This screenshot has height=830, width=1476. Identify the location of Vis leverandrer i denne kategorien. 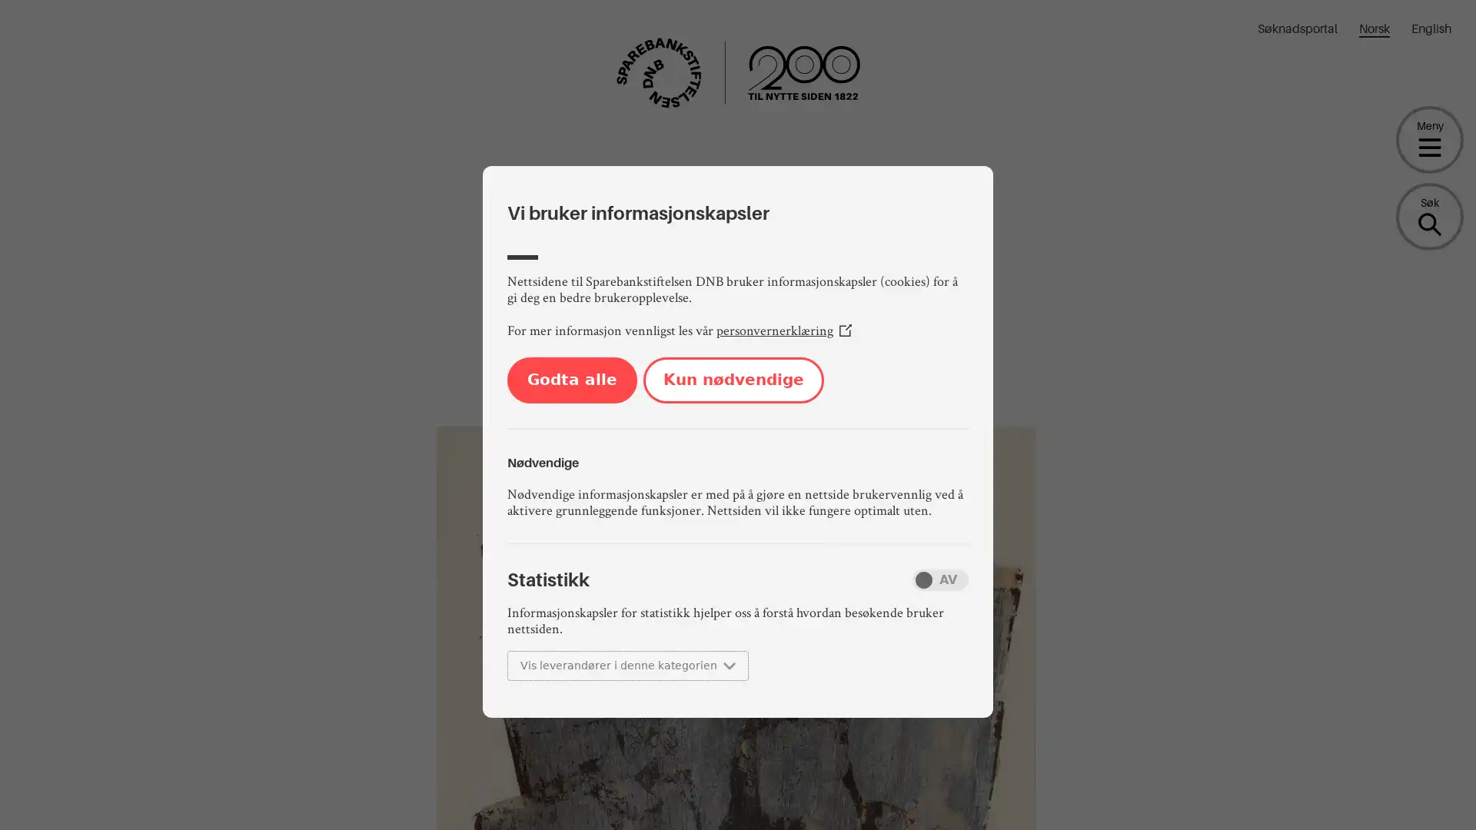
(627, 665).